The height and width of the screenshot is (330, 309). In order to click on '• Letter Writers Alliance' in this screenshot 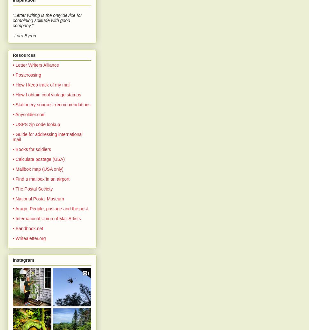, I will do `click(12, 64)`.